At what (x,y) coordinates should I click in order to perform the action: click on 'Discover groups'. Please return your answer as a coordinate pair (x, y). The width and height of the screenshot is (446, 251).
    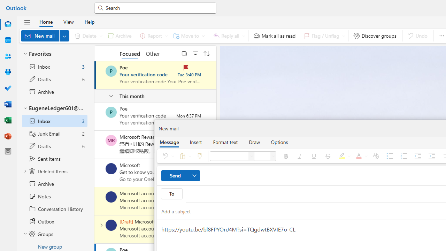
    Looking at the image, I should click on (375, 36).